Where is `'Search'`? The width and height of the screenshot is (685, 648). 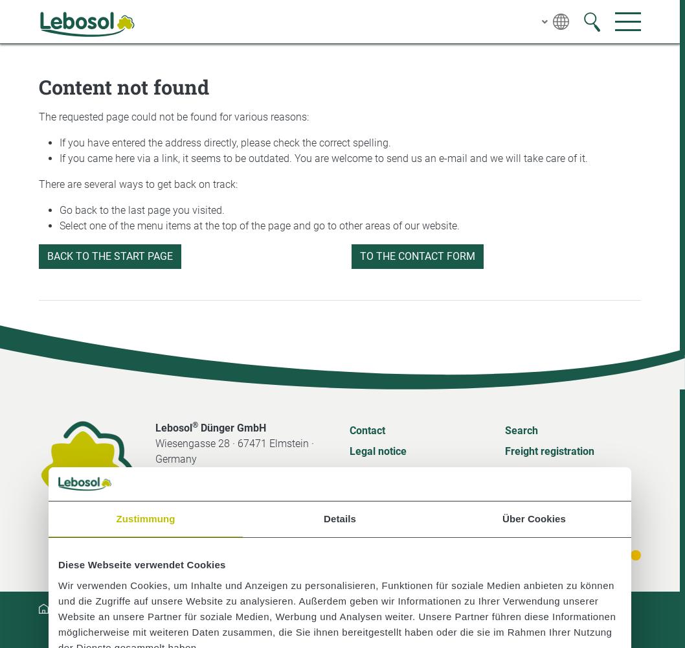
'Search' is located at coordinates (521, 430).